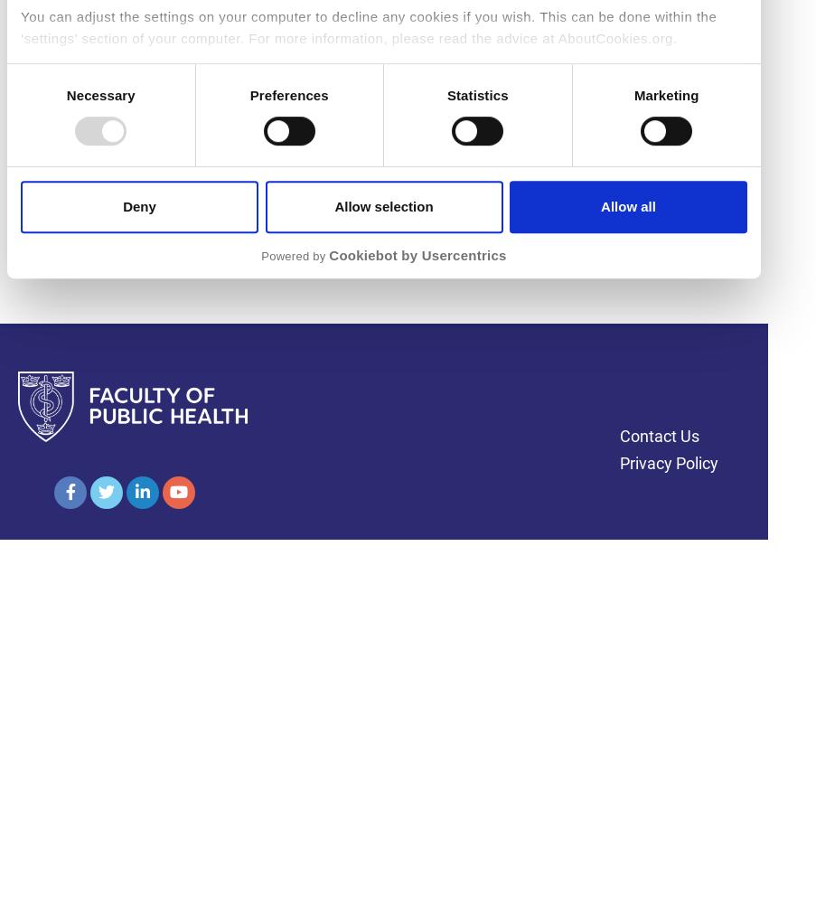 This screenshot has height=904, width=816. I want to click on 'Preferences', so click(248, 94).